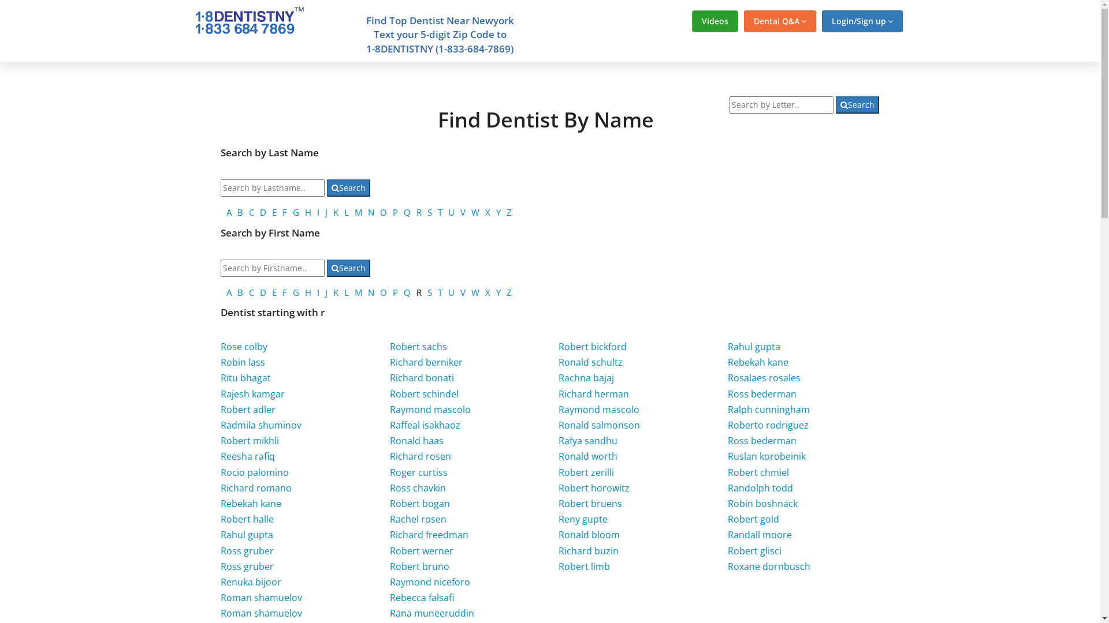 The image size is (1109, 623). Describe the element at coordinates (508, 291) in the screenshot. I see `'Z'` at that location.